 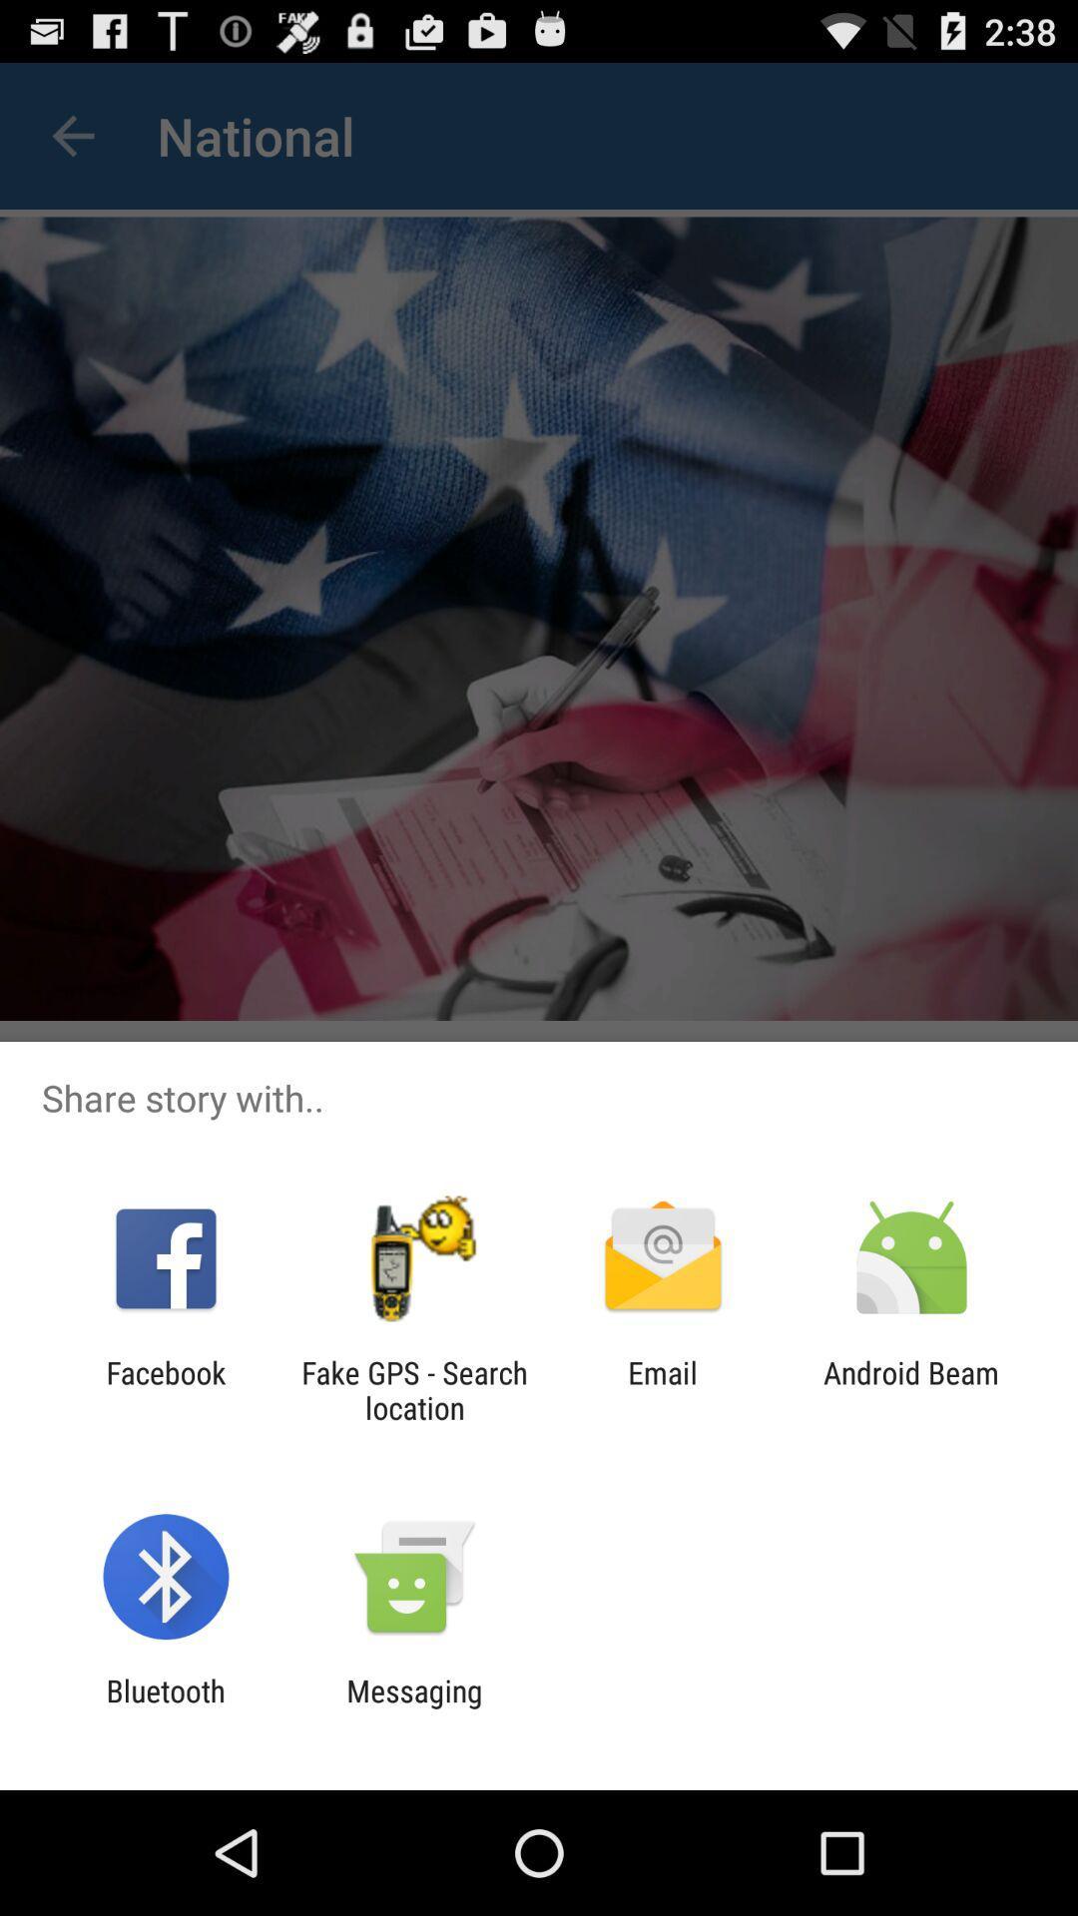 What do you see at coordinates (413, 1389) in the screenshot?
I see `the fake gps search` at bounding box center [413, 1389].